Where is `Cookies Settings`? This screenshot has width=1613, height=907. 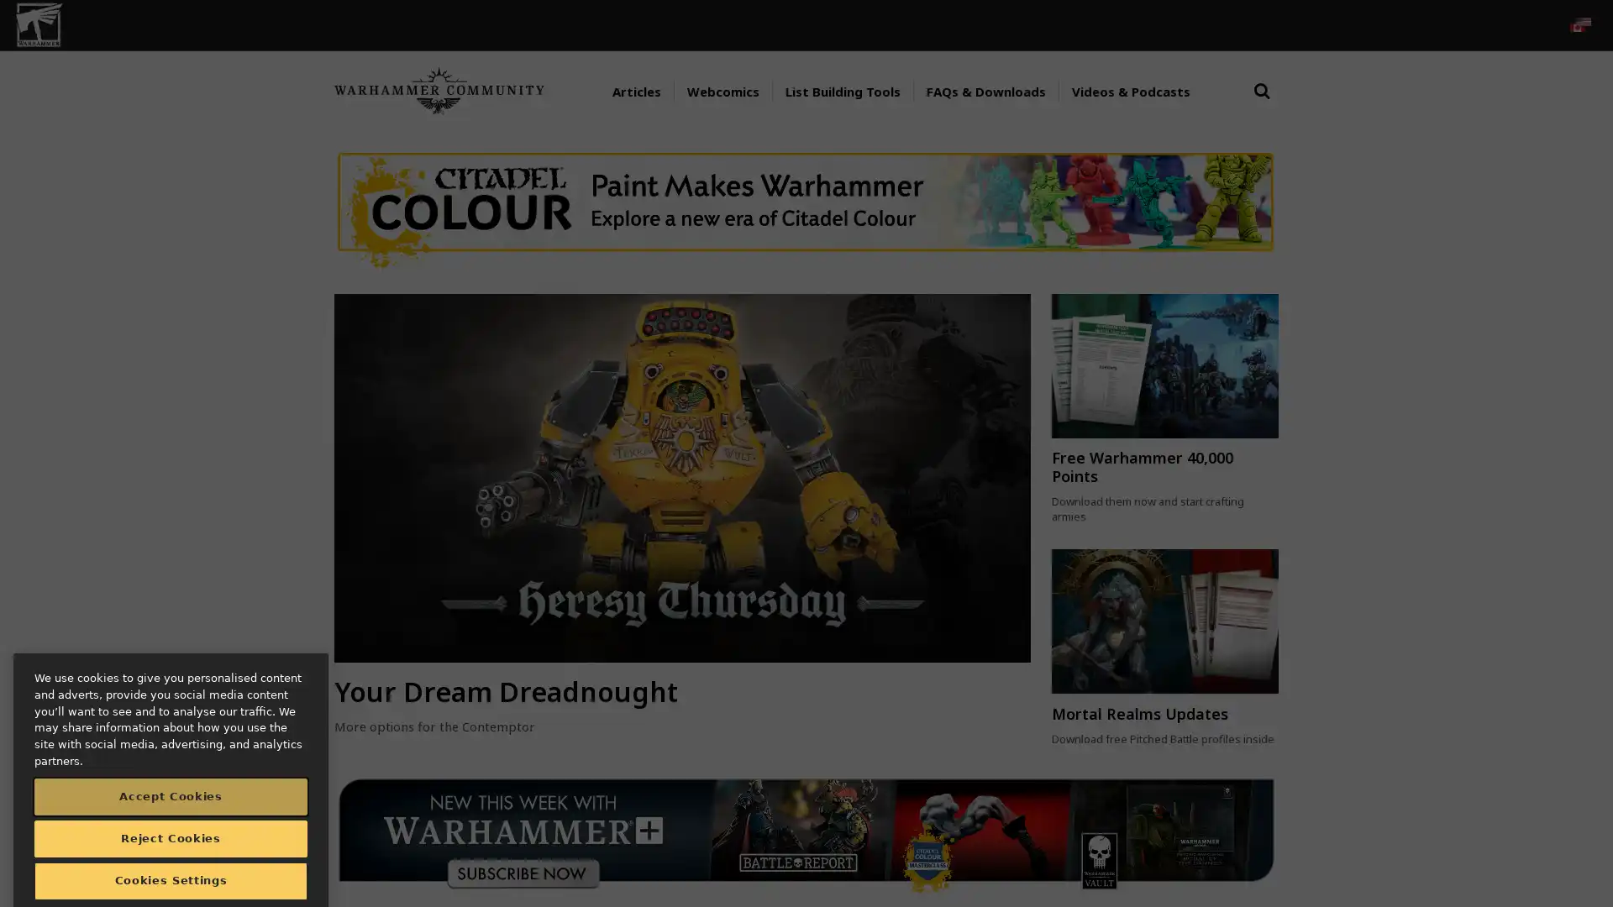
Cookies Settings is located at coordinates (171, 849).